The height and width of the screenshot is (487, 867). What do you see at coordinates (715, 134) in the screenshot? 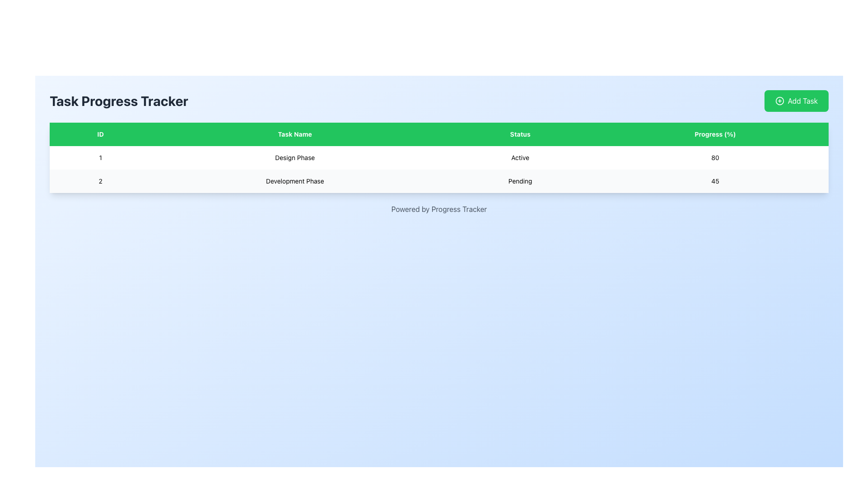
I see `text content of the 'Progress (%)' header in the table, which is the fourth column header styled with white font on a green background` at bounding box center [715, 134].